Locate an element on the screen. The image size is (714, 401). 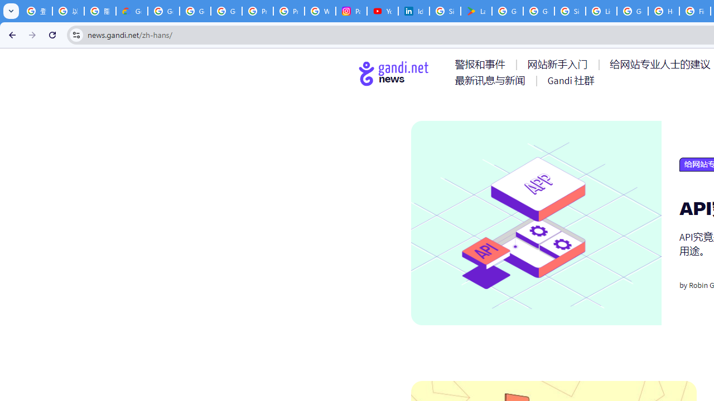
'Last Shelter: Survival - Apps on Google Play' is located at coordinates (476, 11).